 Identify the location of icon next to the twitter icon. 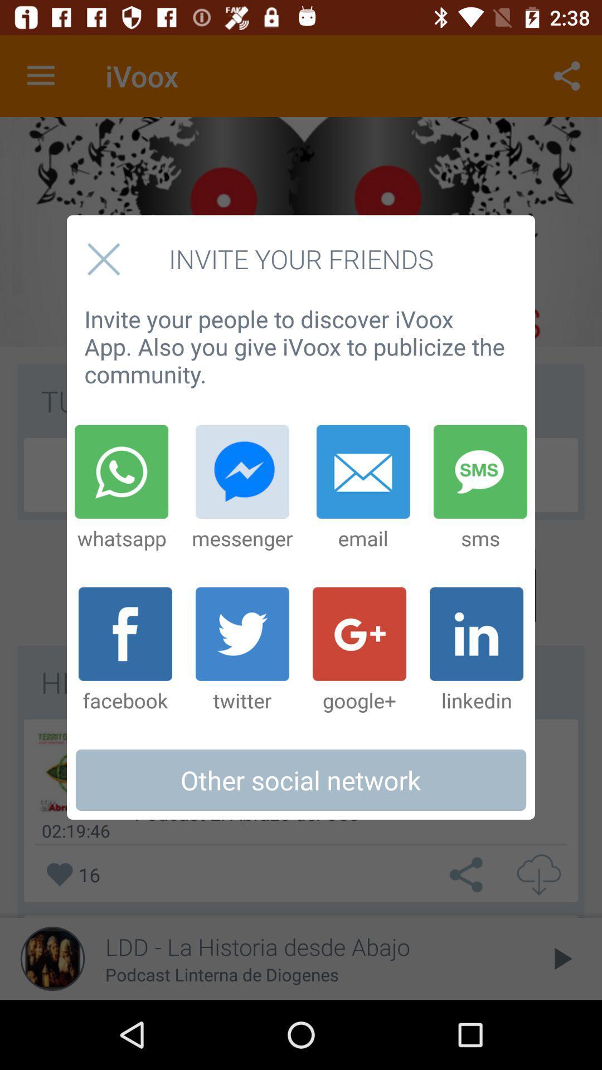
(359, 650).